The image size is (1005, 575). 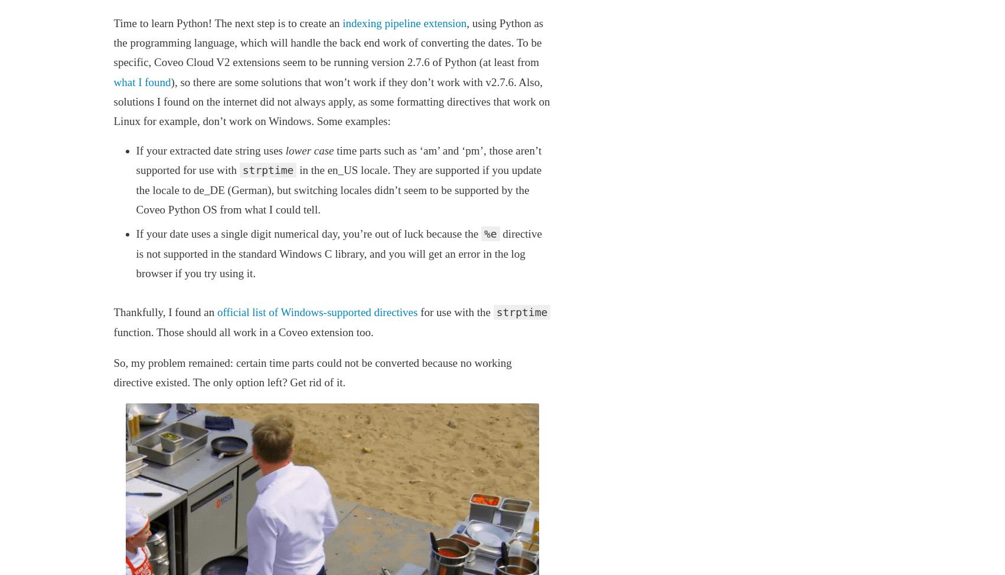 What do you see at coordinates (141, 81) in the screenshot?
I see `'what I found'` at bounding box center [141, 81].